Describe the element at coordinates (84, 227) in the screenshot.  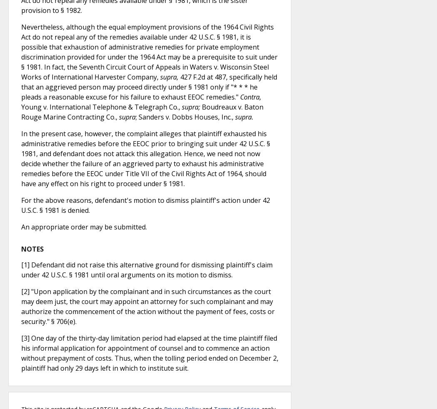
I see `'An appropriate order may be submitted.'` at that location.